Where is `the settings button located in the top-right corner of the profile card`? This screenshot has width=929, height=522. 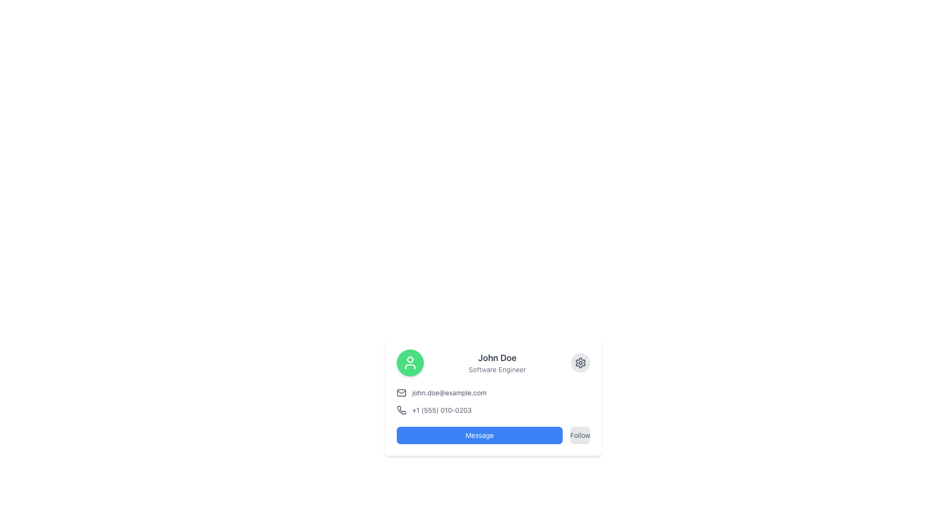
the settings button located in the top-right corner of the profile card is located at coordinates (581, 363).